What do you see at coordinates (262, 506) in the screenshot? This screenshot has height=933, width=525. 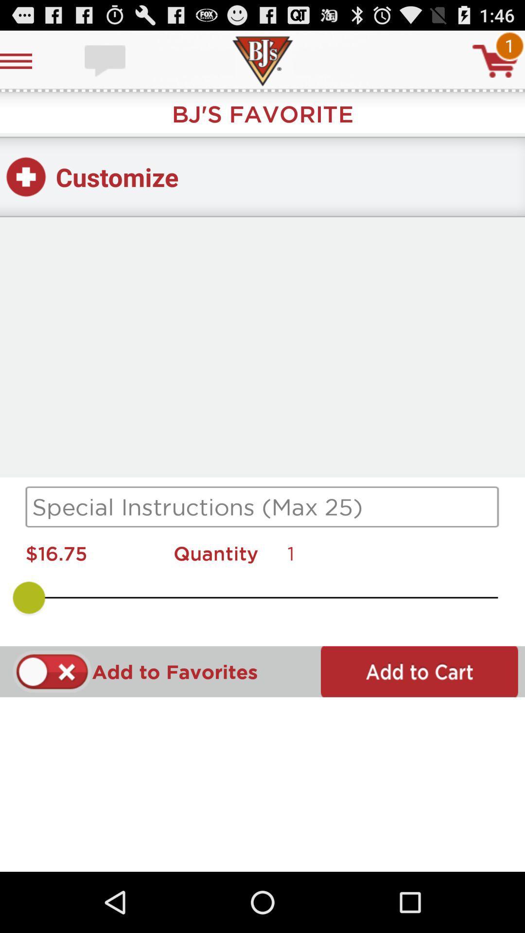 I see `name` at bounding box center [262, 506].